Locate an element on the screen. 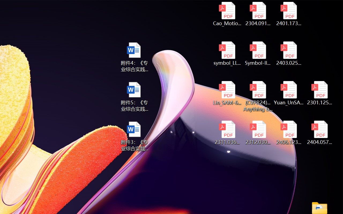 This screenshot has width=343, height=214. 'symbol_LLM.pdf' is located at coordinates (227, 53).